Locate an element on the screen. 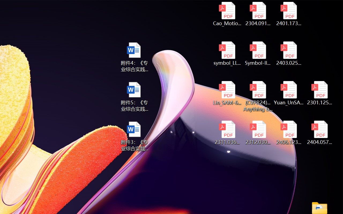 This screenshot has width=343, height=214. 'symbol_LLM.pdf' is located at coordinates (227, 53).